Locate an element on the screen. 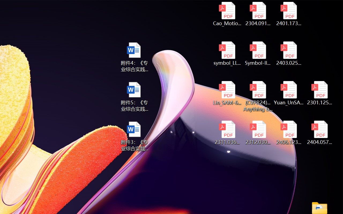 This screenshot has width=343, height=214. 'symbol_LLM.pdf' is located at coordinates (227, 53).